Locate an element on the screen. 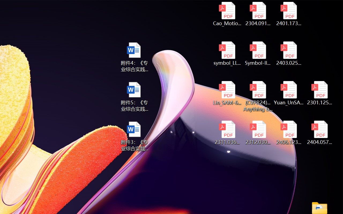 This screenshot has width=343, height=214. 'symbol_LLM.pdf' is located at coordinates (227, 53).